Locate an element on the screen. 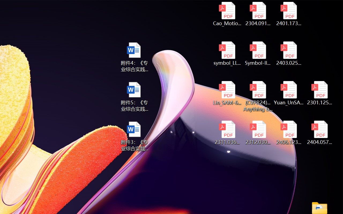 This screenshot has width=343, height=214. 'symbol_LLM.pdf' is located at coordinates (227, 53).